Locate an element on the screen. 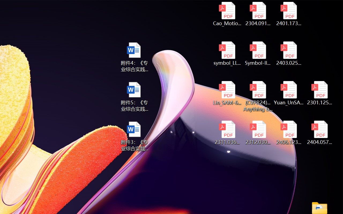 This screenshot has width=343, height=214. 'symbol_LLM.pdf' is located at coordinates (227, 53).